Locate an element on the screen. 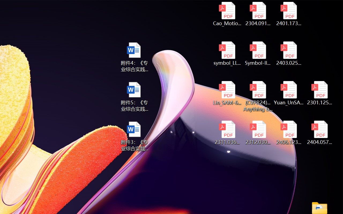 This screenshot has width=343, height=214. 'symbol_LLM.pdf' is located at coordinates (227, 53).